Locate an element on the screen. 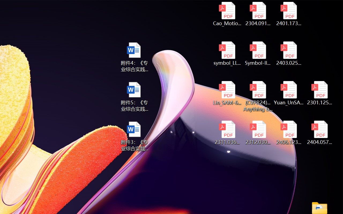 This screenshot has width=343, height=214. 'symbol_LLM.pdf' is located at coordinates (227, 53).